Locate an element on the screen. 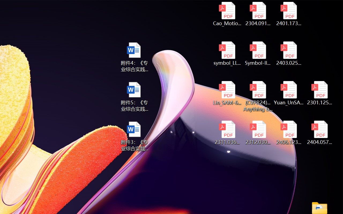 This screenshot has width=343, height=214. 'symbol_LLM.pdf' is located at coordinates (227, 53).